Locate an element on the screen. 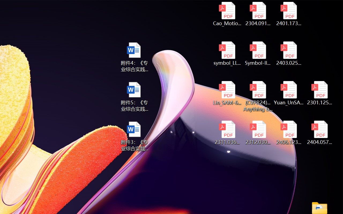 This screenshot has width=343, height=214. 'symbol_LLM.pdf' is located at coordinates (227, 53).